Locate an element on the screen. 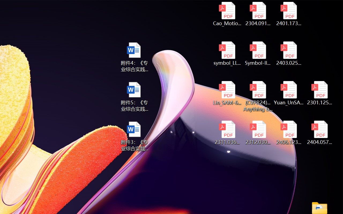 This screenshot has width=343, height=214. 'symbol_LLM.pdf' is located at coordinates (227, 53).